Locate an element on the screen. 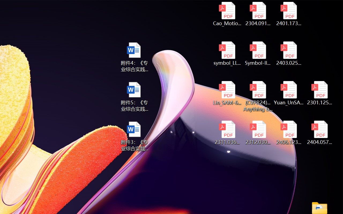 This screenshot has width=343, height=214. 'symbol_LLM.pdf' is located at coordinates (227, 53).